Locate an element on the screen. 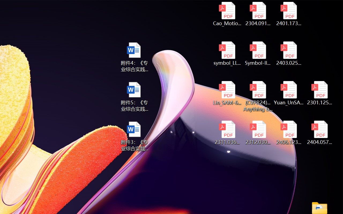 This screenshot has width=343, height=214. 'symbol_LLM.pdf' is located at coordinates (227, 53).